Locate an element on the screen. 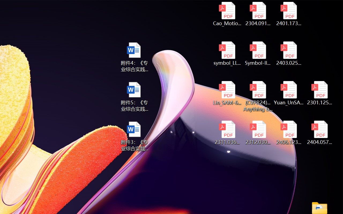 This screenshot has width=343, height=214. 'symbol_LLM.pdf' is located at coordinates (227, 53).